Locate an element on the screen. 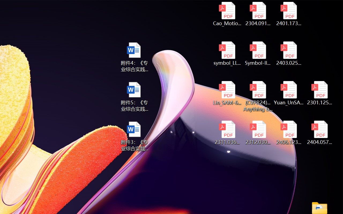 This screenshot has width=343, height=214. 'symbol_LLM.pdf' is located at coordinates (227, 53).